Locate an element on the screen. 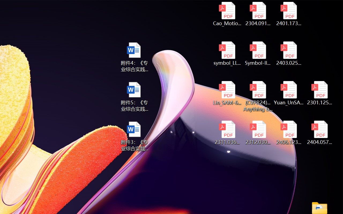 This screenshot has width=343, height=214. 'symbol_LLM.pdf' is located at coordinates (227, 53).